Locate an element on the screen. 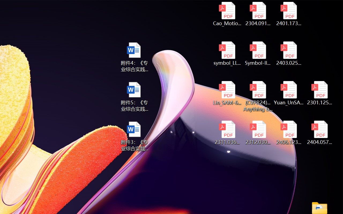 This screenshot has width=343, height=214. 'symbol_LLM.pdf' is located at coordinates (227, 53).